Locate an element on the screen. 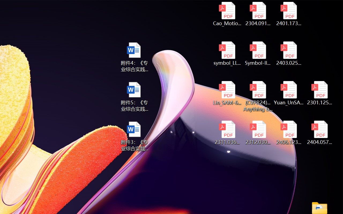 This screenshot has width=343, height=214. 'symbol_LLM.pdf' is located at coordinates (227, 53).